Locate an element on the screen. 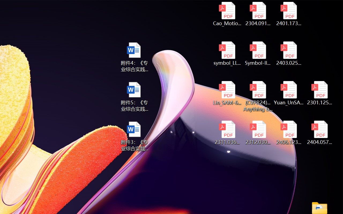 This screenshot has width=343, height=214. 'symbol_LLM.pdf' is located at coordinates (227, 53).